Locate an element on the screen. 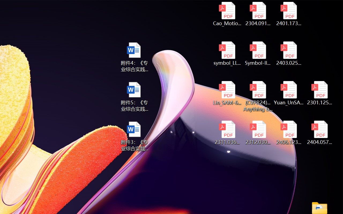 This screenshot has width=343, height=214. 'symbol_LLM.pdf' is located at coordinates (227, 53).